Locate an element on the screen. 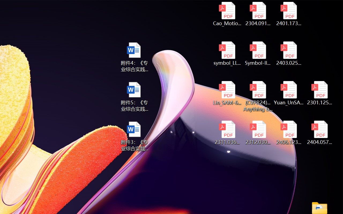 This screenshot has width=343, height=214. 'symbol_LLM.pdf' is located at coordinates (227, 53).